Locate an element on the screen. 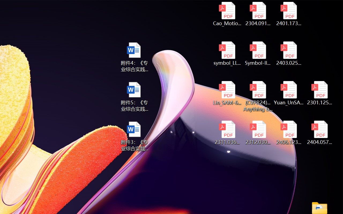 This screenshot has width=343, height=214. 'symbol_LLM.pdf' is located at coordinates (227, 53).